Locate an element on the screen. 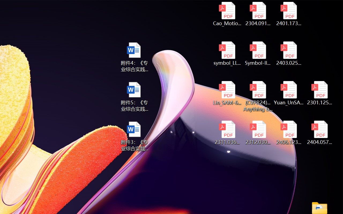 This screenshot has width=343, height=214. 'symbol_LLM.pdf' is located at coordinates (227, 53).